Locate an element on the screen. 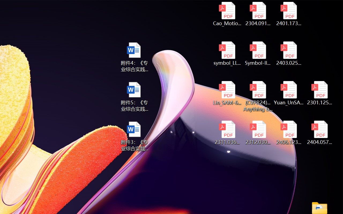 This screenshot has width=343, height=214. 'symbol_LLM.pdf' is located at coordinates (227, 53).